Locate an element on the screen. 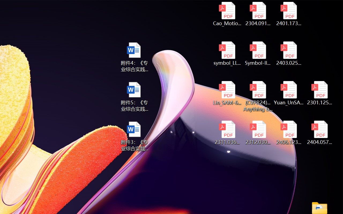 This screenshot has width=343, height=214. 'symbol_LLM.pdf' is located at coordinates (227, 53).